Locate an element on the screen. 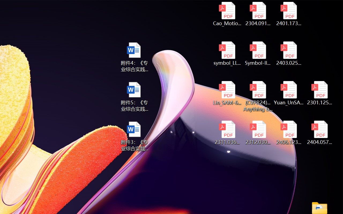 This screenshot has width=343, height=214. 'symbol_LLM.pdf' is located at coordinates (227, 53).